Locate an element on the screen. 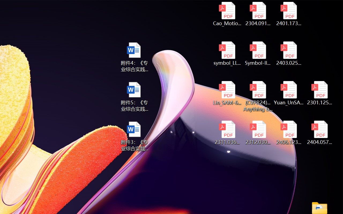 This screenshot has width=343, height=214. 'symbol_LLM.pdf' is located at coordinates (227, 53).